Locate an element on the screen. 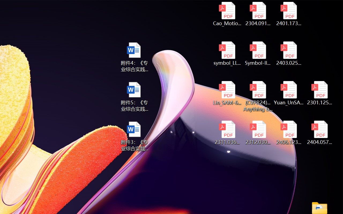 This screenshot has width=343, height=214. 'symbol_LLM.pdf' is located at coordinates (227, 53).